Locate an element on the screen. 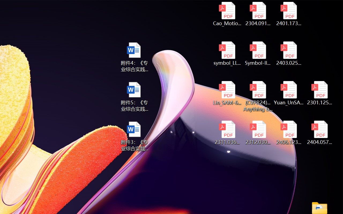 This screenshot has width=343, height=214. 'symbol_LLM.pdf' is located at coordinates (227, 53).